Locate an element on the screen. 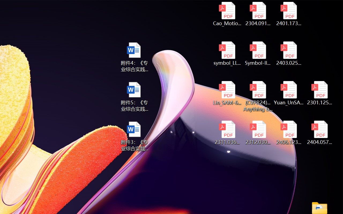 This screenshot has width=343, height=214. 'symbol_LLM.pdf' is located at coordinates (227, 53).